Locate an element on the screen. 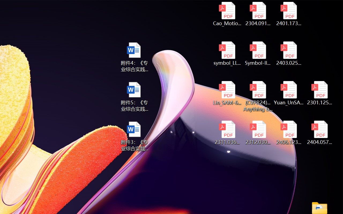 This screenshot has width=343, height=214. 'symbol_LLM.pdf' is located at coordinates (227, 53).